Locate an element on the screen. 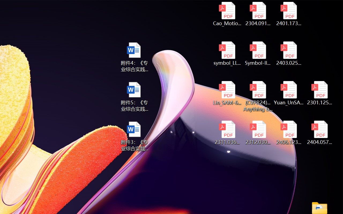 This screenshot has width=343, height=214. 'symbol_LLM.pdf' is located at coordinates (227, 53).